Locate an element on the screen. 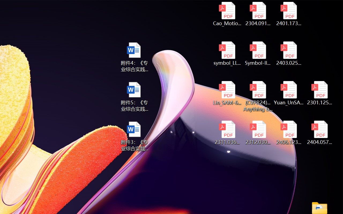 This screenshot has width=343, height=214. 'symbol_LLM.pdf' is located at coordinates (227, 53).